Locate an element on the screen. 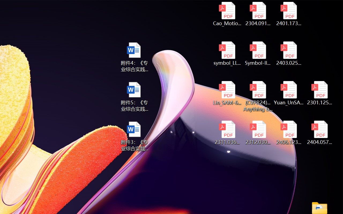 This screenshot has width=343, height=214. 'symbol_LLM.pdf' is located at coordinates (227, 53).